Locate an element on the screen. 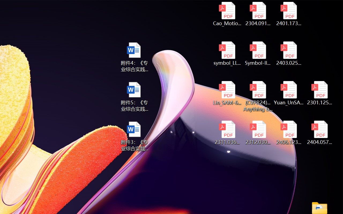 This screenshot has width=343, height=214. 'symbol_LLM.pdf' is located at coordinates (227, 53).